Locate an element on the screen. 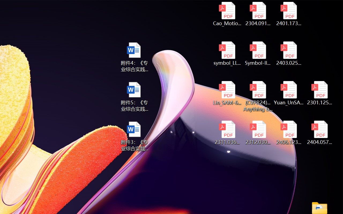 This screenshot has width=343, height=214. 'symbol_LLM.pdf' is located at coordinates (227, 53).